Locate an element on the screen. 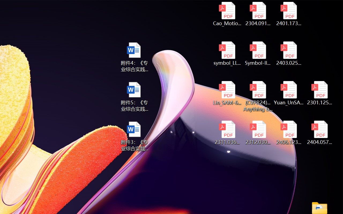 This screenshot has width=343, height=214. 'symbol_LLM.pdf' is located at coordinates (227, 53).